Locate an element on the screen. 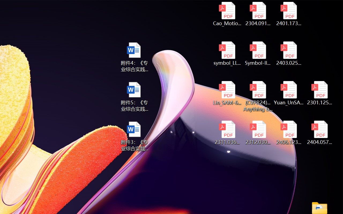 This screenshot has width=343, height=214. 'symbol_LLM.pdf' is located at coordinates (227, 53).